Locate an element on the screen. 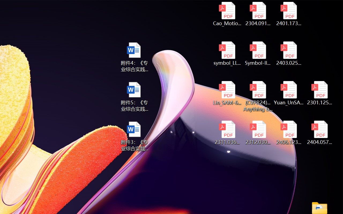 This screenshot has width=343, height=214. 'symbol_LLM.pdf' is located at coordinates (227, 53).